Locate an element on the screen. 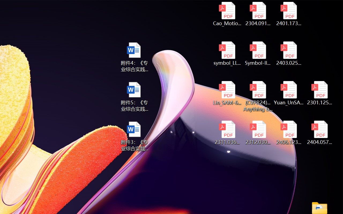 This screenshot has width=343, height=214. 'symbol_LLM.pdf' is located at coordinates (227, 53).